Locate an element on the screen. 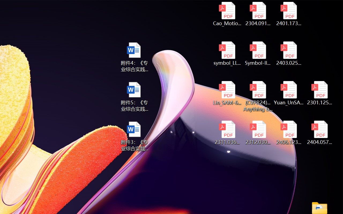 This screenshot has width=343, height=214. 'symbol_LLM.pdf' is located at coordinates (227, 53).